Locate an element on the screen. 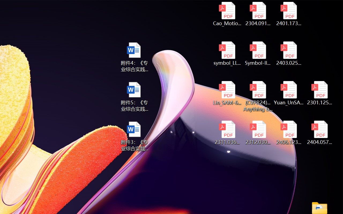 This screenshot has width=343, height=214. 'symbol_LLM.pdf' is located at coordinates (227, 53).